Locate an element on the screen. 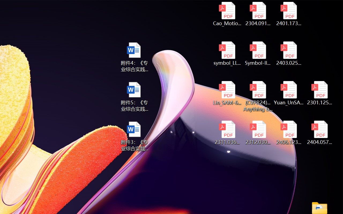 This screenshot has width=343, height=214. 'symbol_LLM.pdf' is located at coordinates (227, 53).